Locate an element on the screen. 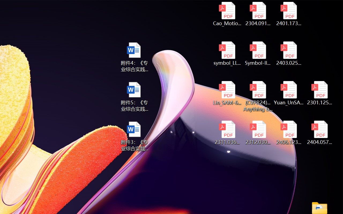 This screenshot has width=343, height=214. 'symbol_LLM.pdf' is located at coordinates (227, 53).